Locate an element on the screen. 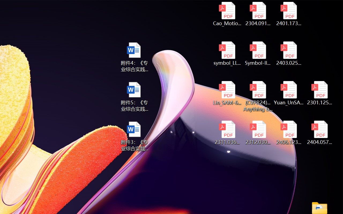 This screenshot has width=343, height=214. 'symbol_LLM.pdf' is located at coordinates (227, 53).